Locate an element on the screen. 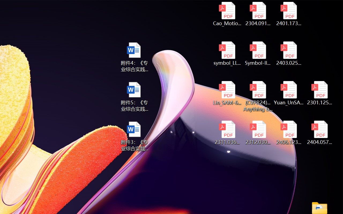 This screenshot has width=343, height=214. 'symbol_LLM.pdf' is located at coordinates (227, 53).